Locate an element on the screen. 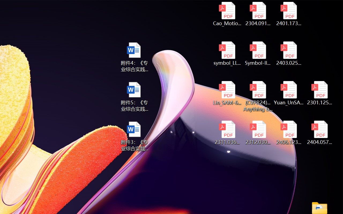 This screenshot has width=343, height=214. 'symbol_LLM.pdf' is located at coordinates (227, 53).